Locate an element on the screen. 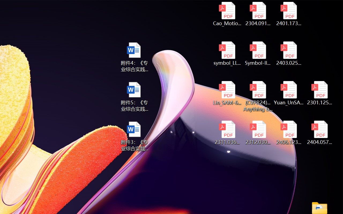 This screenshot has width=343, height=214. 'symbol_LLM.pdf' is located at coordinates (227, 53).